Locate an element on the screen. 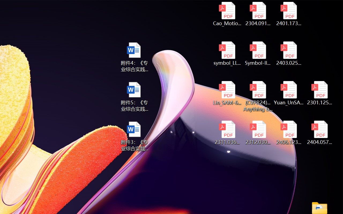 This screenshot has width=343, height=214. 'symbol_LLM.pdf' is located at coordinates (227, 53).